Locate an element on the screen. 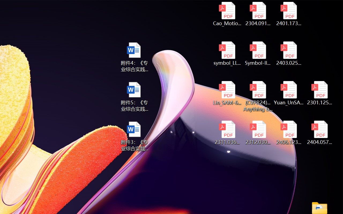 This screenshot has width=343, height=214. 'symbol_LLM.pdf' is located at coordinates (227, 53).